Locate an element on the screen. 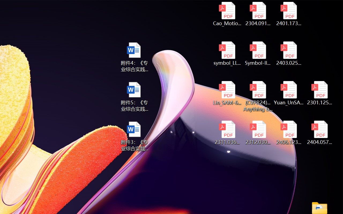 This screenshot has width=343, height=214. 'symbol_LLM.pdf' is located at coordinates (227, 53).